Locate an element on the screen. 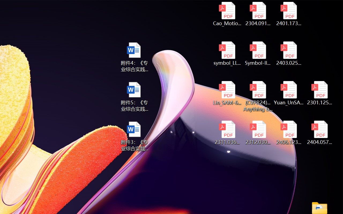 This screenshot has width=343, height=214. 'symbol_LLM.pdf' is located at coordinates (227, 53).